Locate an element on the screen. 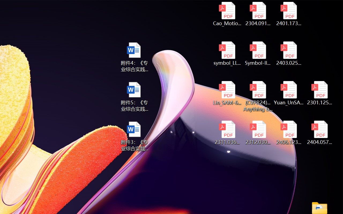 This screenshot has width=343, height=214. 'symbol_LLM.pdf' is located at coordinates (227, 53).